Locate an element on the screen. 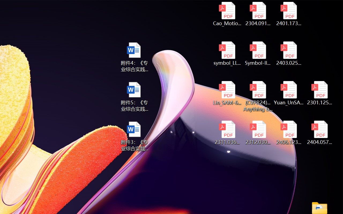 This screenshot has width=343, height=214. 'symbol_LLM.pdf' is located at coordinates (227, 53).